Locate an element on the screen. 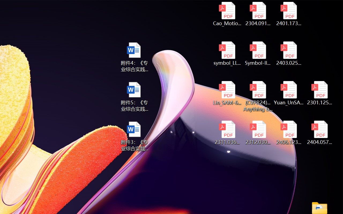 This screenshot has width=343, height=214. 'symbol_LLM.pdf' is located at coordinates (227, 53).